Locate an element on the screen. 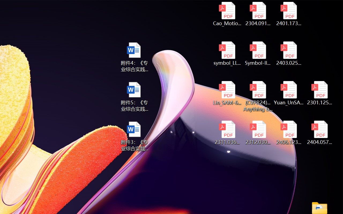 This screenshot has width=343, height=214. 'symbol_LLM.pdf' is located at coordinates (227, 53).